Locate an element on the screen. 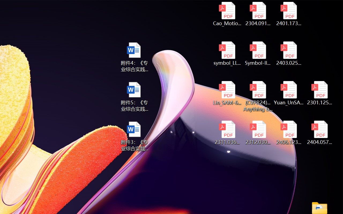 This screenshot has width=343, height=214. 'symbol_LLM.pdf' is located at coordinates (227, 53).